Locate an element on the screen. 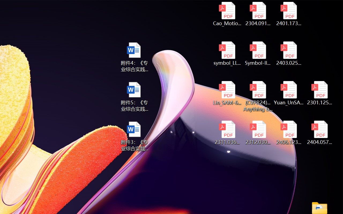 This screenshot has width=343, height=214. 'symbol_LLM.pdf' is located at coordinates (227, 53).